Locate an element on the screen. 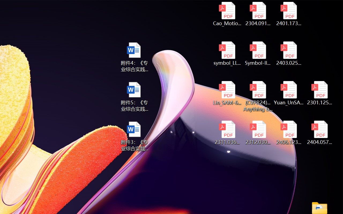 This screenshot has width=343, height=214. 'symbol_LLM.pdf' is located at coordinates (227, 53).